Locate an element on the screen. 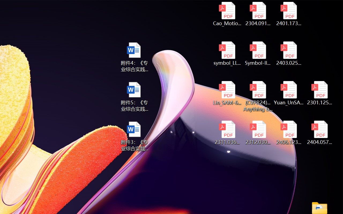 This screenshot has width=343, height=214. 'symbol_LLM.pdf' is located at coordinates (227, 53).